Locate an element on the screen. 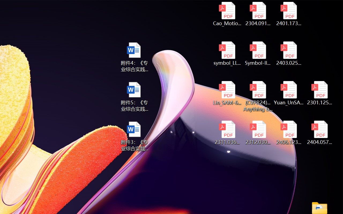 This screenshot has width=343, height=214. 'symbol_LLM.pdf' is located at coordinates (227, 53).